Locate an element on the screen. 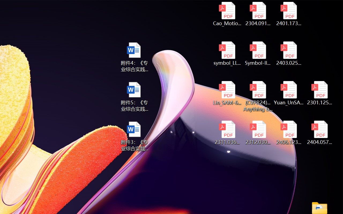 This screenshot has width=343, height=214. 'symbol_LLM.pdf' is located at coordinates (227, 53).